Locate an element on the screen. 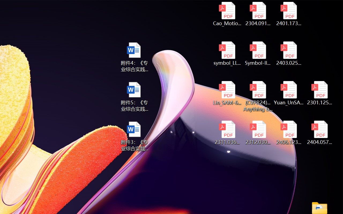 This screenshot has width=343, height=214. 'symbol_LLM.pdf' is located at coordinates (227, 53).